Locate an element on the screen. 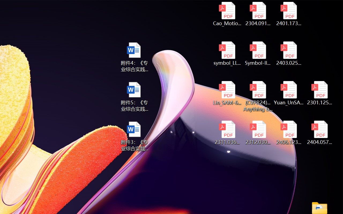 This screenshot has width=343, height=214. 'symbol_LLM.pdf' is located at coordinates (227, 53).